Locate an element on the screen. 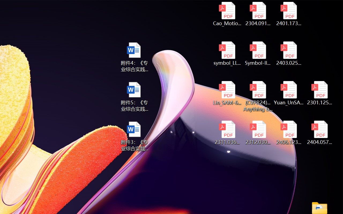 This screenshot has width=343, height=214. 'symbol_LLM.pdf' is located at coordinates (227, 53).